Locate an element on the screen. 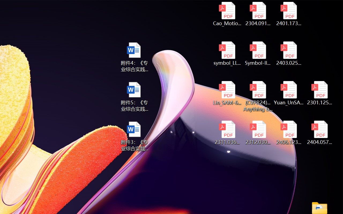 This screenshot has width=343, height=214. 'symbol_LLM.pdf' is located at coordinates (227, 53).